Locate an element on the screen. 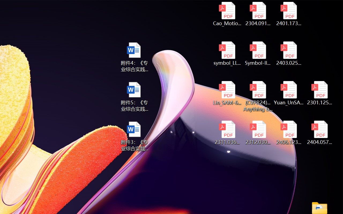 This screenshot has width=343, height=214. 'symbol_LLM.pdf' is located at coordinates (227, 53).